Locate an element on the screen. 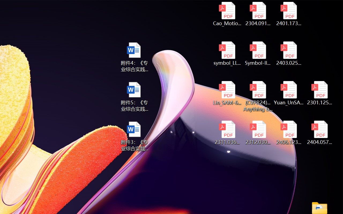 This screenshot has width=343, height=214. 'symbol_LLM.pdf' is located at coordinates (227, 53).